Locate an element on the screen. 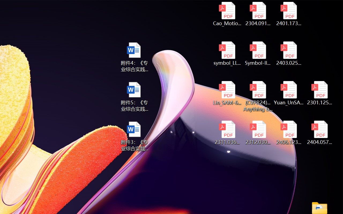 This screenshot has width=343, height=214. 'symbol_LLM.pdf' is located at coordinates (227, 53).